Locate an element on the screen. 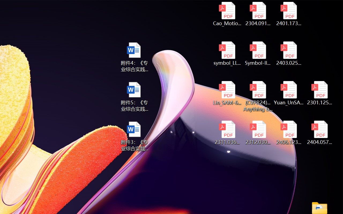 This screenshot has width=343, height=214. 'symbol_LLM.pdf' is located at coordinates (227, 53).